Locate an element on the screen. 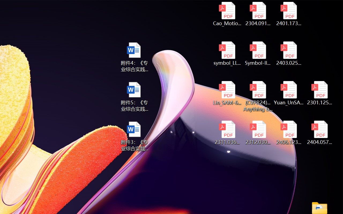 This screenshot has width=343, height=214. 'symbol_LLM.pdf' is located at coordinates (227, 53).